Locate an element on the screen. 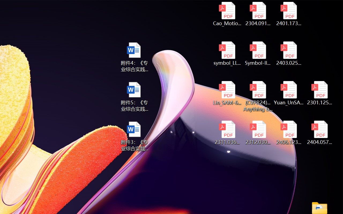 This screenshot has width=343, height=214. 'symbol_LLM.pdf' is located at coordinates (227, 53).